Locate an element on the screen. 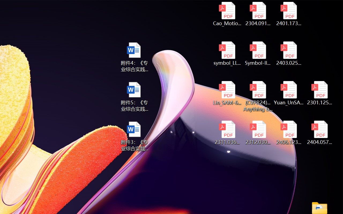 This screenshot has width=343, height=214. 'symbol_LLM.pdf' is located at coordinates (227, 53).